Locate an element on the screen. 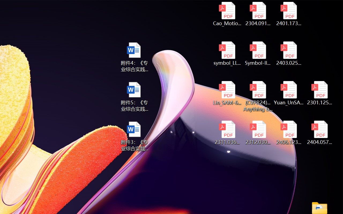 This screenshot has width=343, height=214. 'symbol_LLM.pdf' is located at coordinates (227, 53).